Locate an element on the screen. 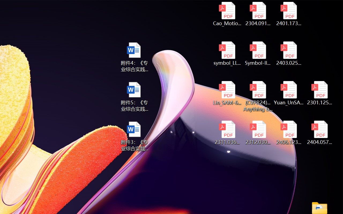 This screenshot has width=343, height=214. 'symbol_LLM.pdf' is located at coordinates (227, 53).